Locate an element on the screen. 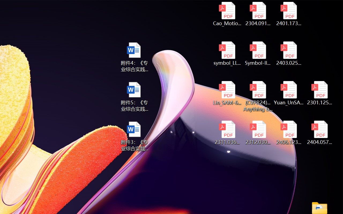 This screenshot has width=343, height=214. 'symbol_LLM.pdf' is located at coordinates (227, 53).